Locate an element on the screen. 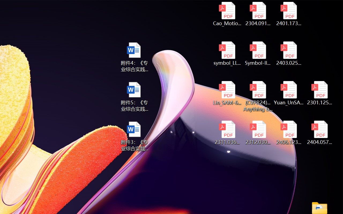 This screenshot has width=343, height=214. 'symbol_LLM.pdf' is located at coordinates (227, 53).